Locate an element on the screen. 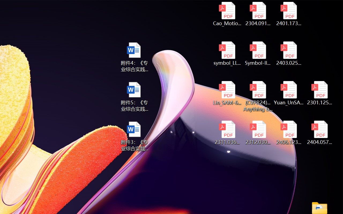 This screenshot has width=343, height=214. 'symbol_LLM.pdf' is located at coordinates (227, 53).